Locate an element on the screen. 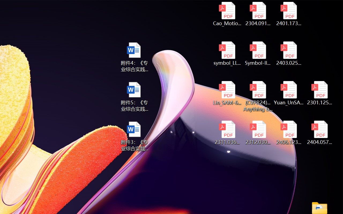 This screenshot has width=343, height=214. 'symbol_LLM.pdf' is located at coordinates (227, 53).